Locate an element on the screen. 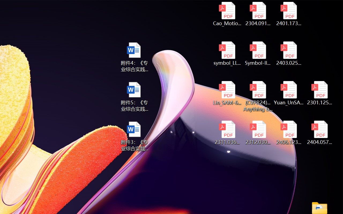 This screenshot has width=343, height=214. 'symbol_LLM.pdf' is located at coordinates (227, 53).